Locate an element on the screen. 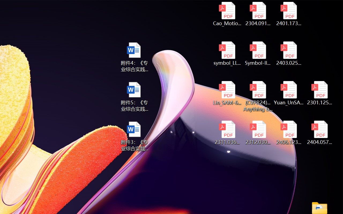 This screenshot has width=343, height=214. 'symbol_LLM.pdf' is located at coordinates (227, 53).